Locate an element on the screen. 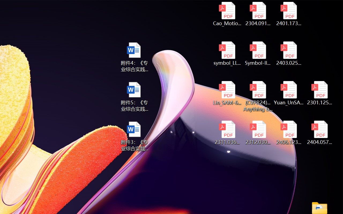 This screenshot has width=343, height=214. 'symbol_LLM.pdf' is located at coordinates (227, 53).